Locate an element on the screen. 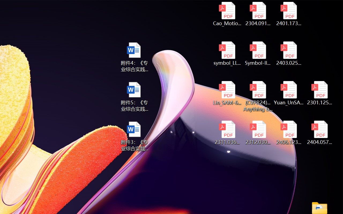 This screenshot has width=343, height=214. 'symbol_LLM.pdf' is located at coordinates (227, 53).